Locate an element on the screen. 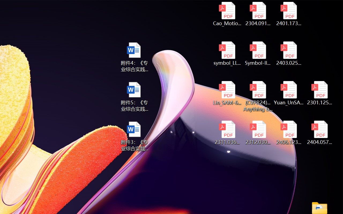 This screenshot has width=343, height=214. 'symbol_LLM.pdf' is located at coordinates (227, 53).